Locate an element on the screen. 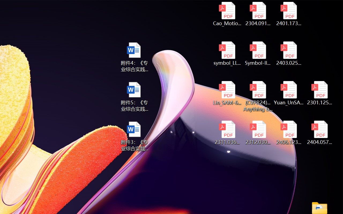 This screenshot has width=343, height=214. 'symbol_LLM.pdf' is located at coordinates (227, 53).